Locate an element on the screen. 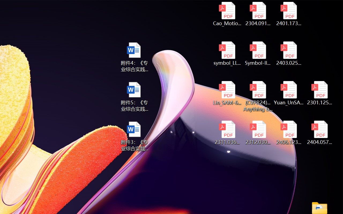 This screenshot has width=343, height=214. 'symbol_LLM.pdf' is located at coordinates (227, 53).